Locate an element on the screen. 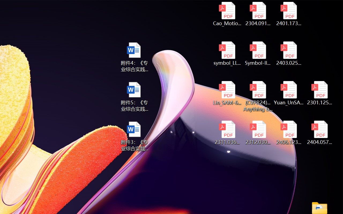 This screenshot has width=343, height=214. 'symbol_LLM.pdf' is located at coordinates (227, 53).